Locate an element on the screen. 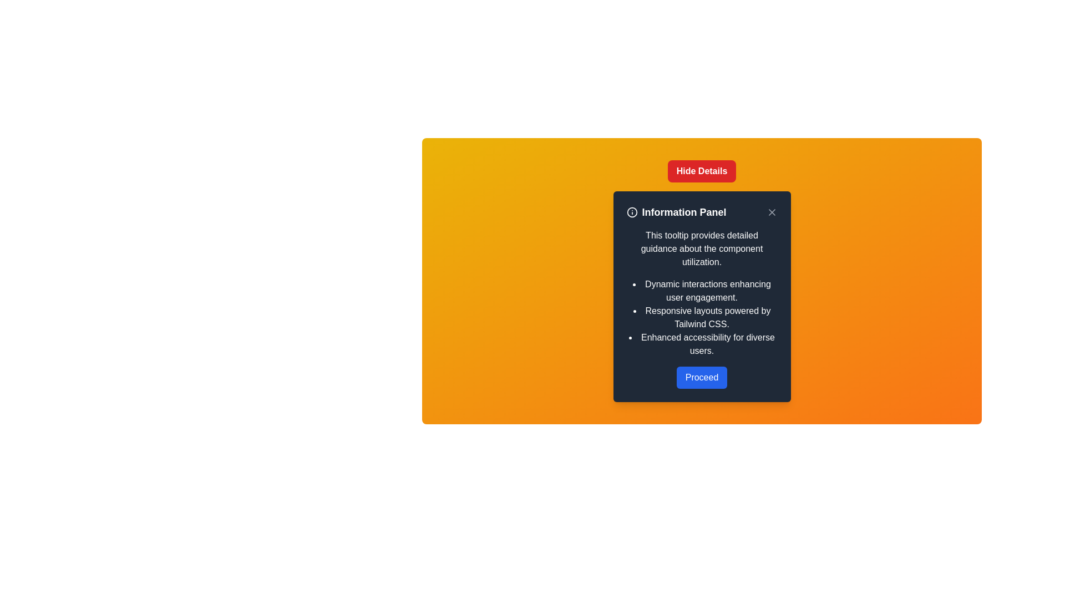 This screenshot has width=1065, height=599. the confirm button located at the bottom center of the 'Information Panel' is located at coordinates (701, 377).